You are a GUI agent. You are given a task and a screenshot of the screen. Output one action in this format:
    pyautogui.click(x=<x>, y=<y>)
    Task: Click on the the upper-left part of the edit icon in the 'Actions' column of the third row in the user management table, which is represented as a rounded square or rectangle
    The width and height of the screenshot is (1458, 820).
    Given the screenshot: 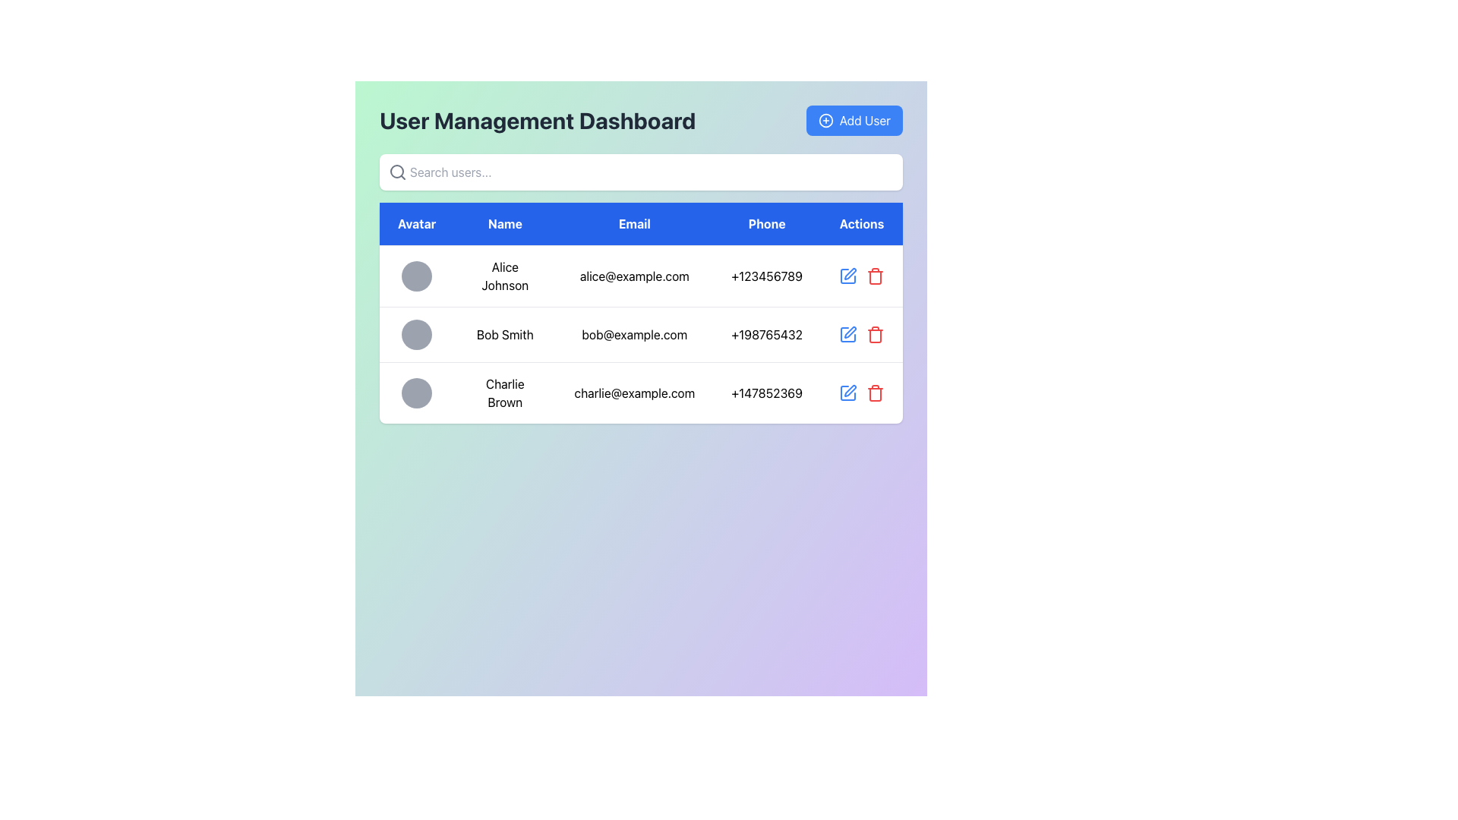 What is the action you would take?
    pyautogui.click(x=847, y=392)
    